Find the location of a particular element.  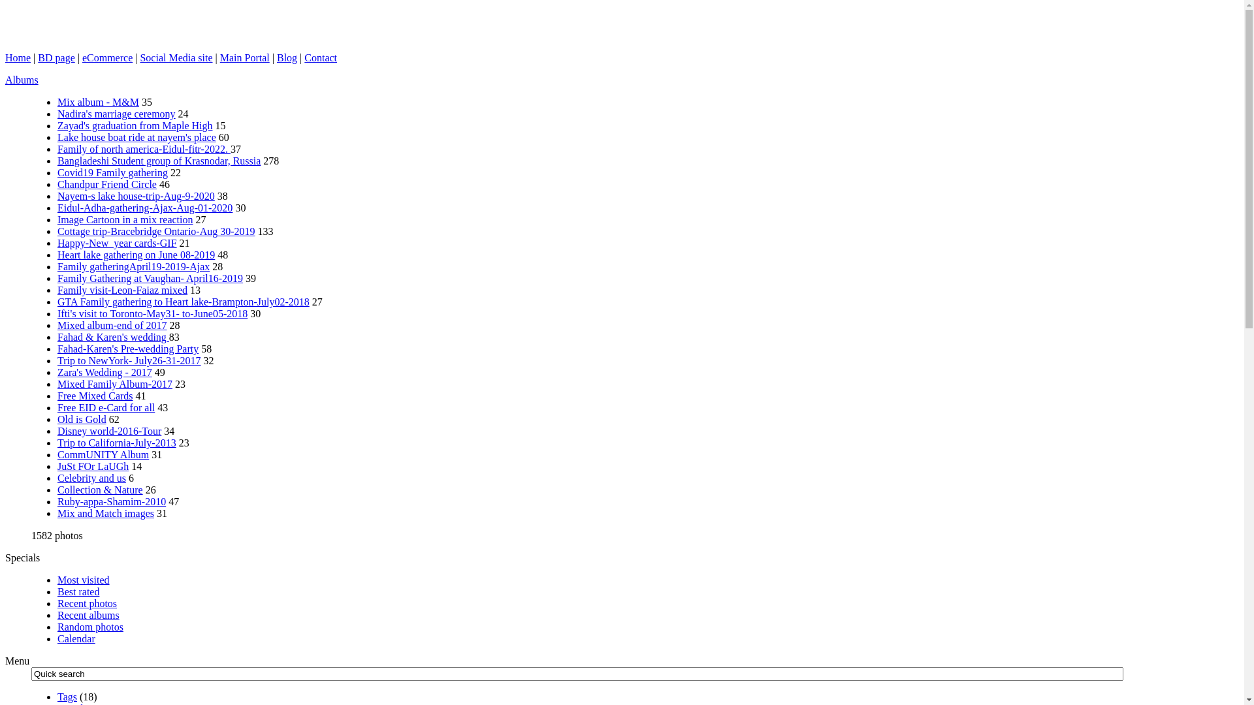

'Family gatheringApril19-2019-Ajax' is located at coordinates (133, 266).